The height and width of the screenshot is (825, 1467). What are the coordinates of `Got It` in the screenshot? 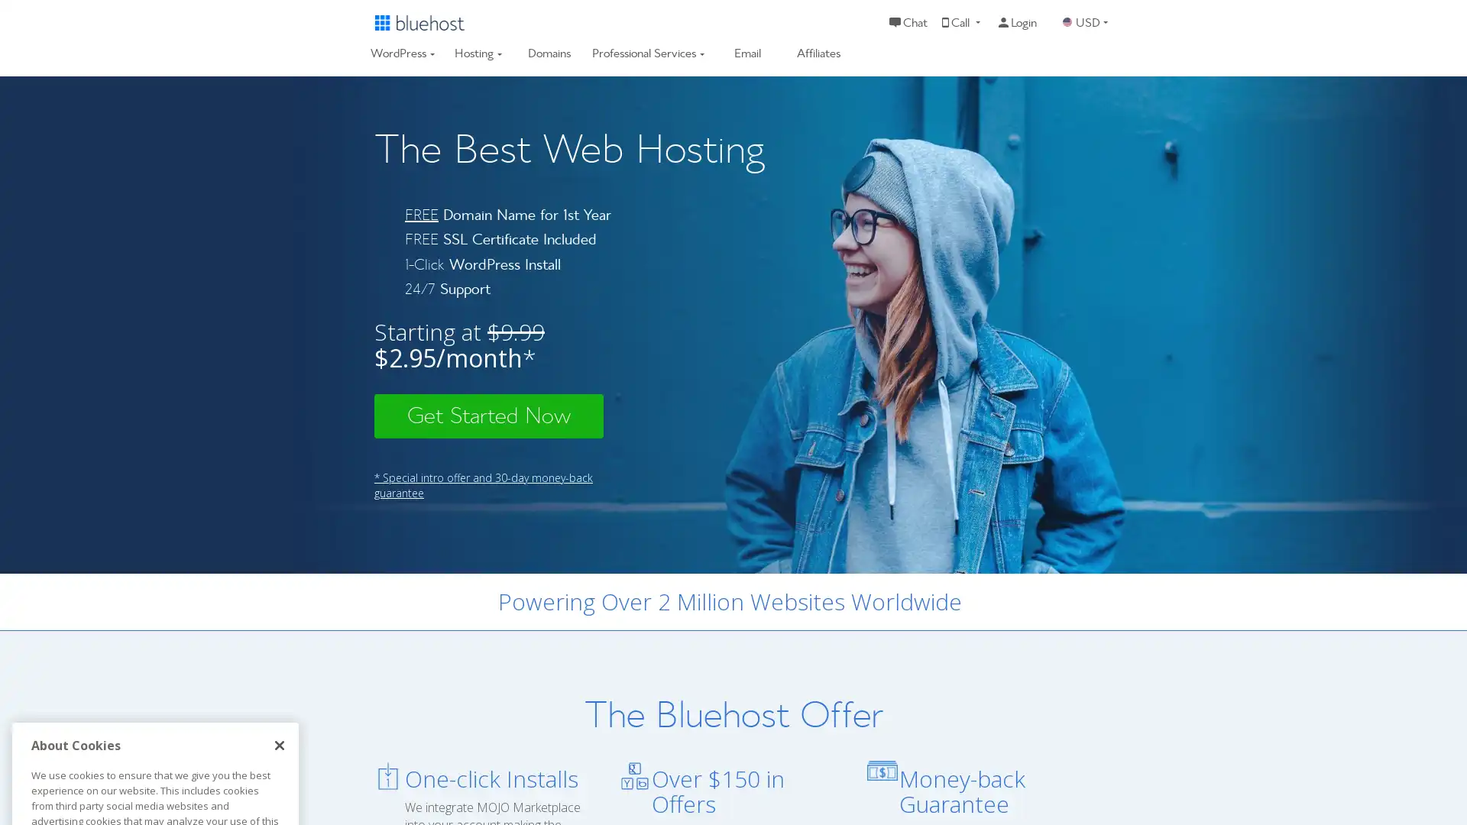 It's located at (155, 735).